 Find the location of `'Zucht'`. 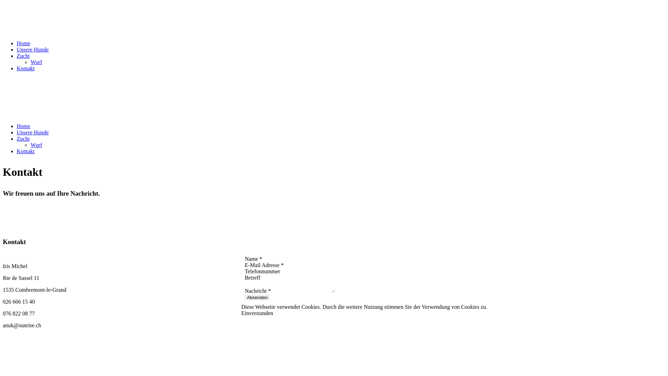

'Zucht' is located at coordinates (17, 139).